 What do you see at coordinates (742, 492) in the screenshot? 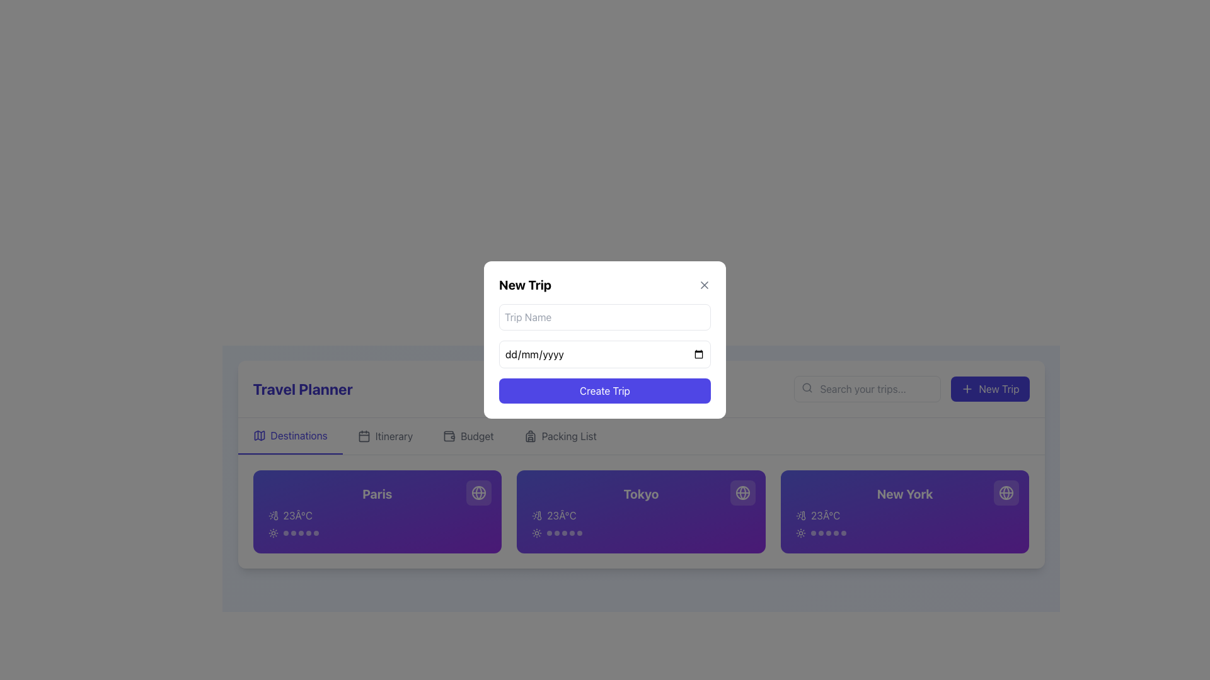
I see `the globe icon located in the top-right corner of the purple card labeled 'Tokyo'` at bounding box center [742, 492].